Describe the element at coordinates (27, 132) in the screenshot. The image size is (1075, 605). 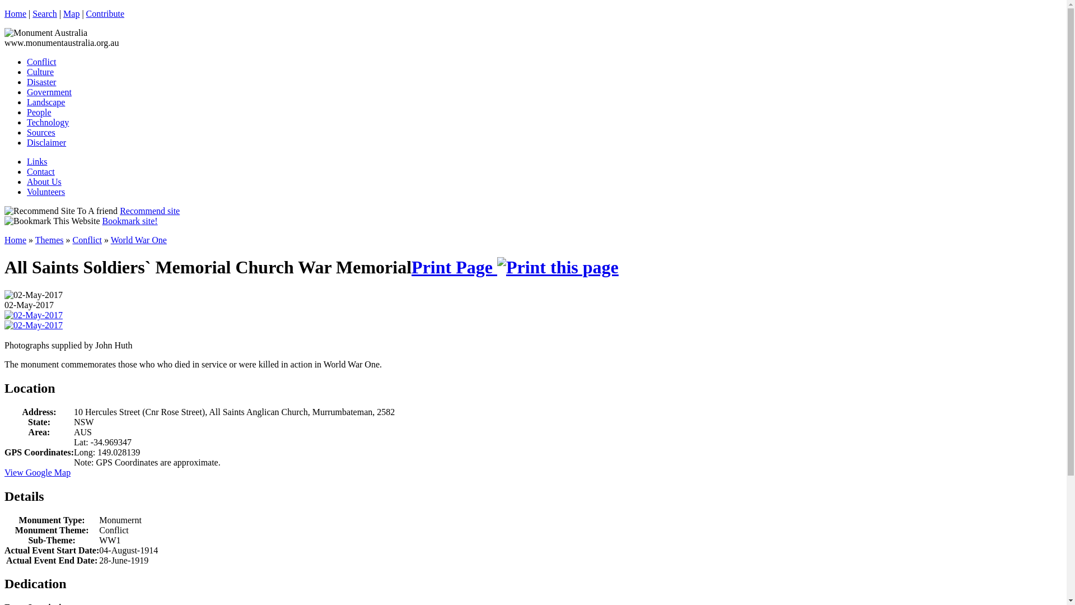
I see `'Sources'` at that location.